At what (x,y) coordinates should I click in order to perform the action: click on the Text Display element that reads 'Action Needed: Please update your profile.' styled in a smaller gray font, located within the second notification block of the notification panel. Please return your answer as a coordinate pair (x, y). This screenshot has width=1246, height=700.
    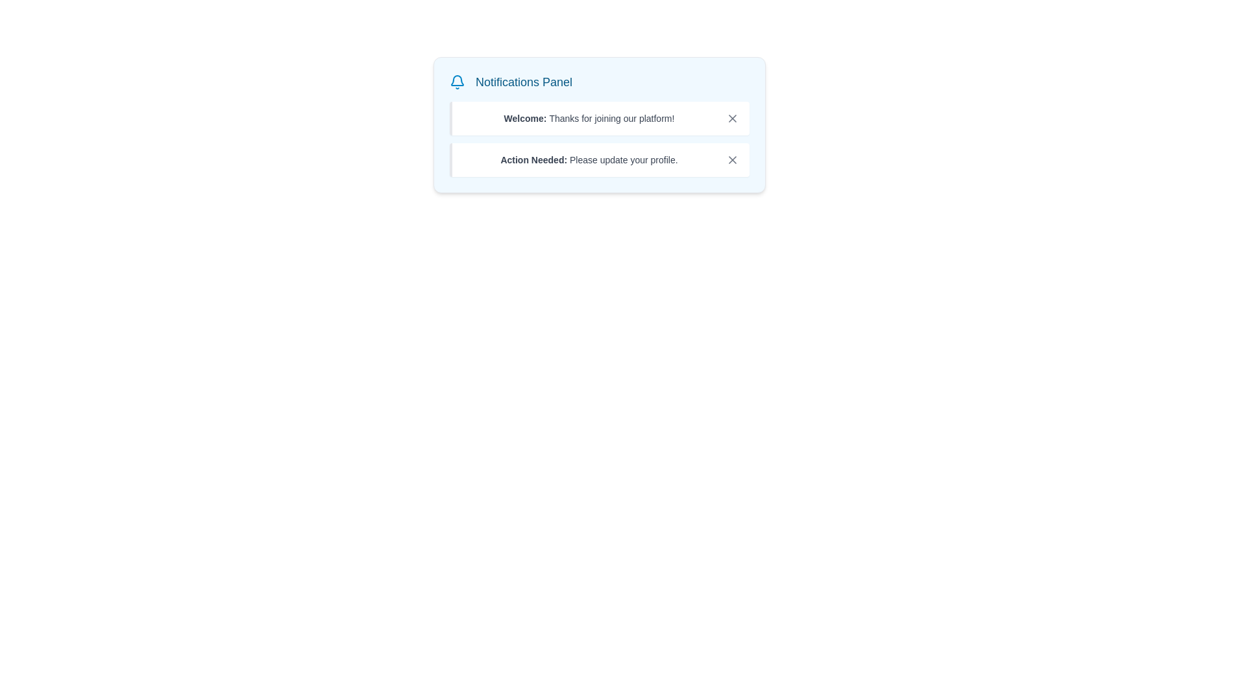
    Looking at the image, I should click on (588, 159).